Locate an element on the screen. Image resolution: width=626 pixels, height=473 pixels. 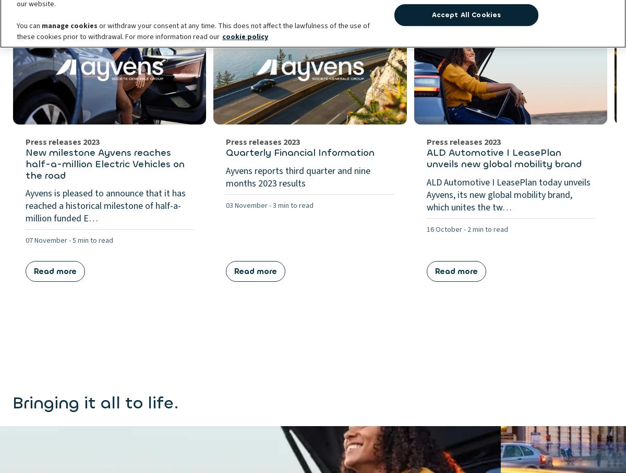
'ALD Automotive I LeasePlan unveils new global mobility brand' is located at coordinates (503, 157).